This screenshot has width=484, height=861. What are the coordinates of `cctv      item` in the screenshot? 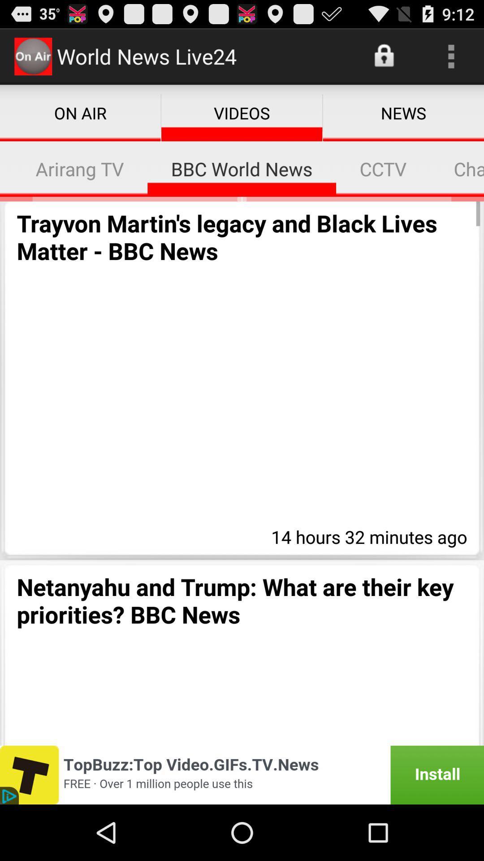 It's located at (383, 169).